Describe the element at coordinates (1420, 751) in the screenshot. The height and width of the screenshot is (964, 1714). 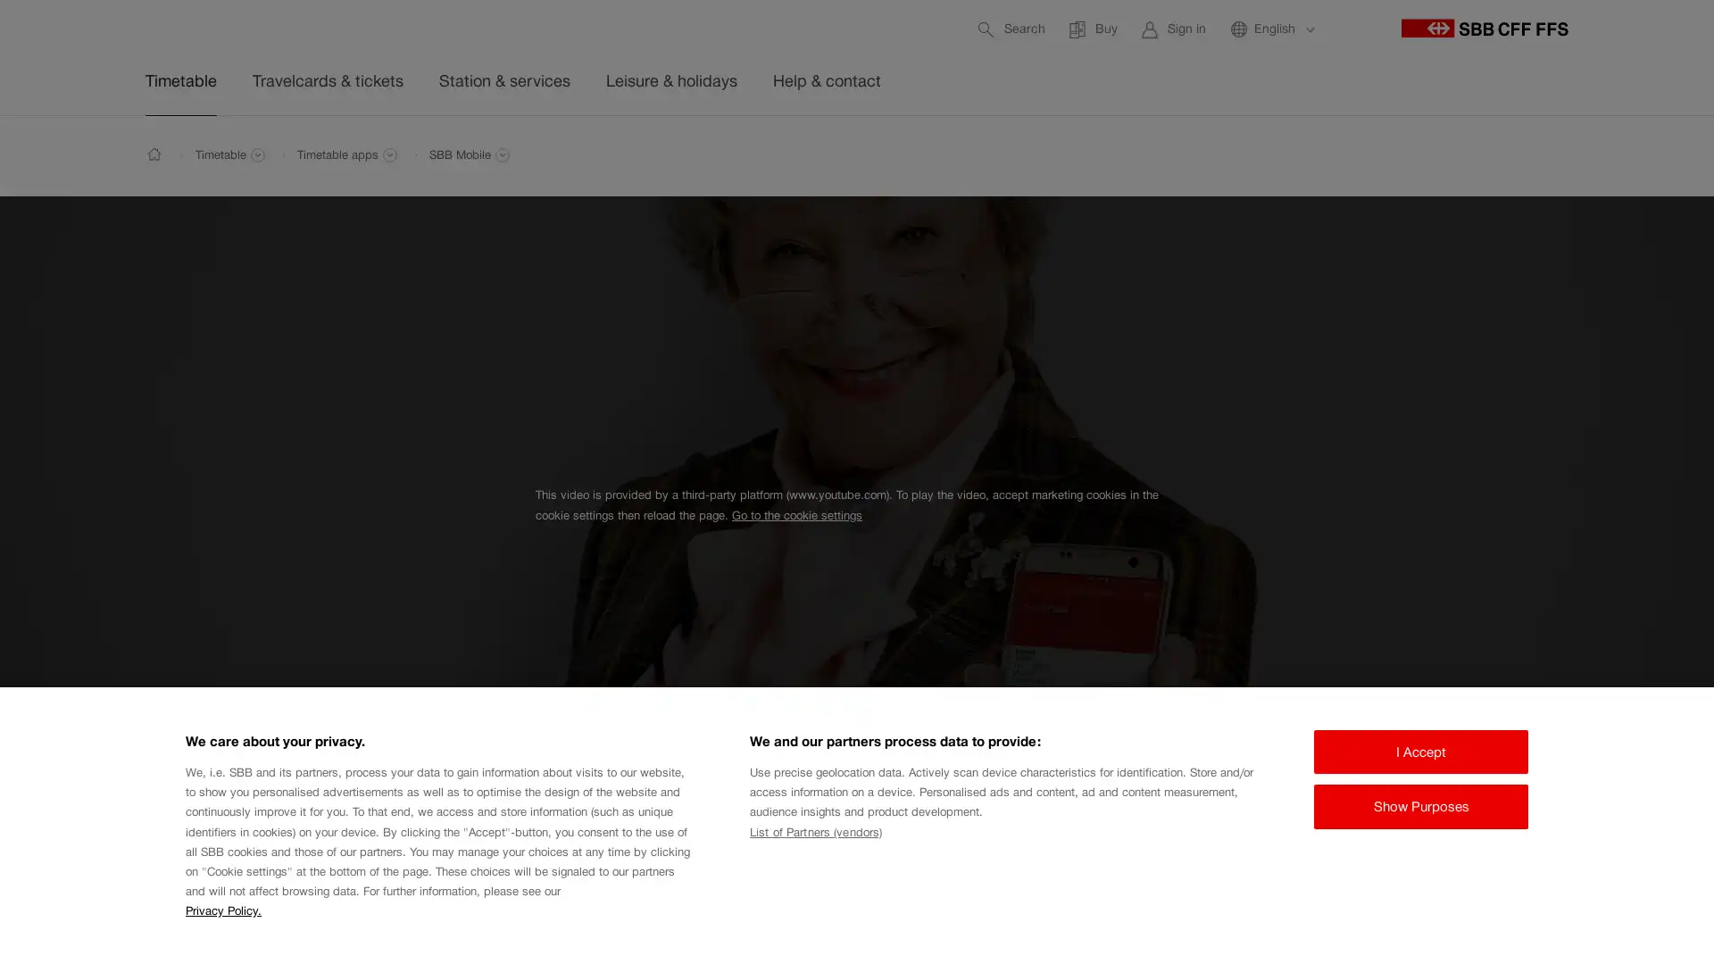
I see `I Accept` at that location.